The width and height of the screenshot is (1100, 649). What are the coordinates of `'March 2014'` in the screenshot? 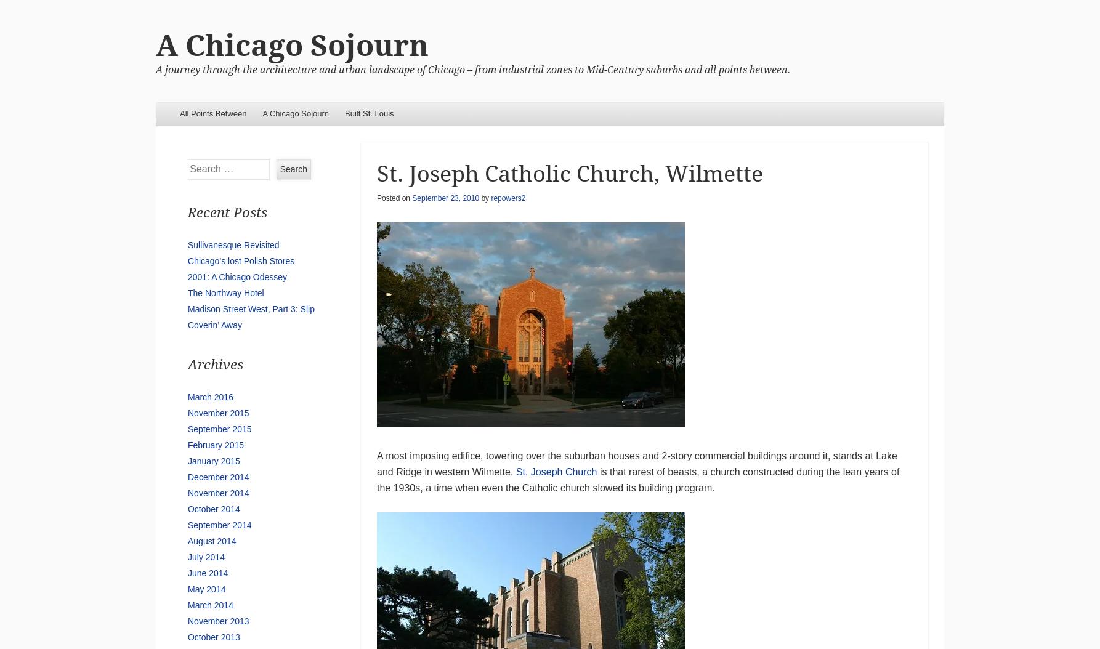 It's located at (209, 605).